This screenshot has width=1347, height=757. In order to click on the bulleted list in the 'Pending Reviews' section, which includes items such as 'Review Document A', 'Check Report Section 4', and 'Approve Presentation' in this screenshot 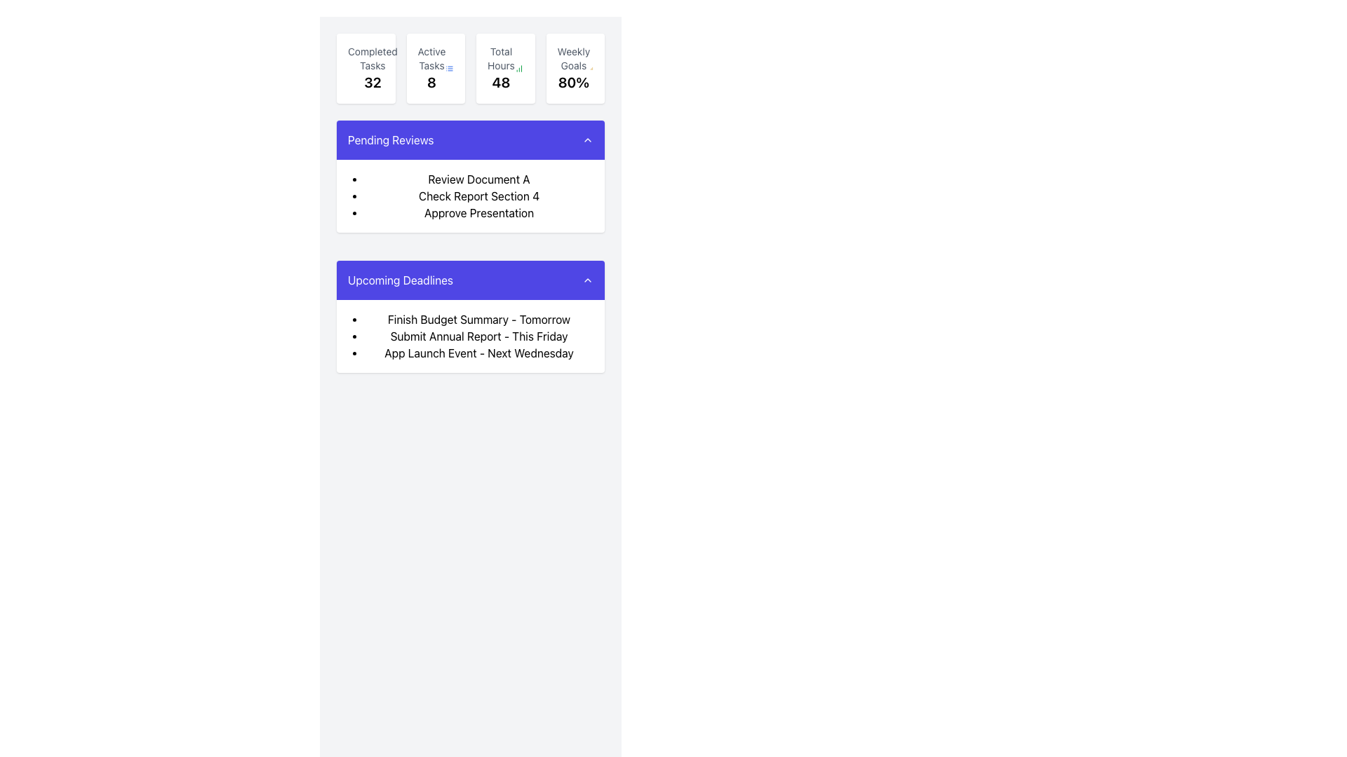, I will do `click(471, 196)`.